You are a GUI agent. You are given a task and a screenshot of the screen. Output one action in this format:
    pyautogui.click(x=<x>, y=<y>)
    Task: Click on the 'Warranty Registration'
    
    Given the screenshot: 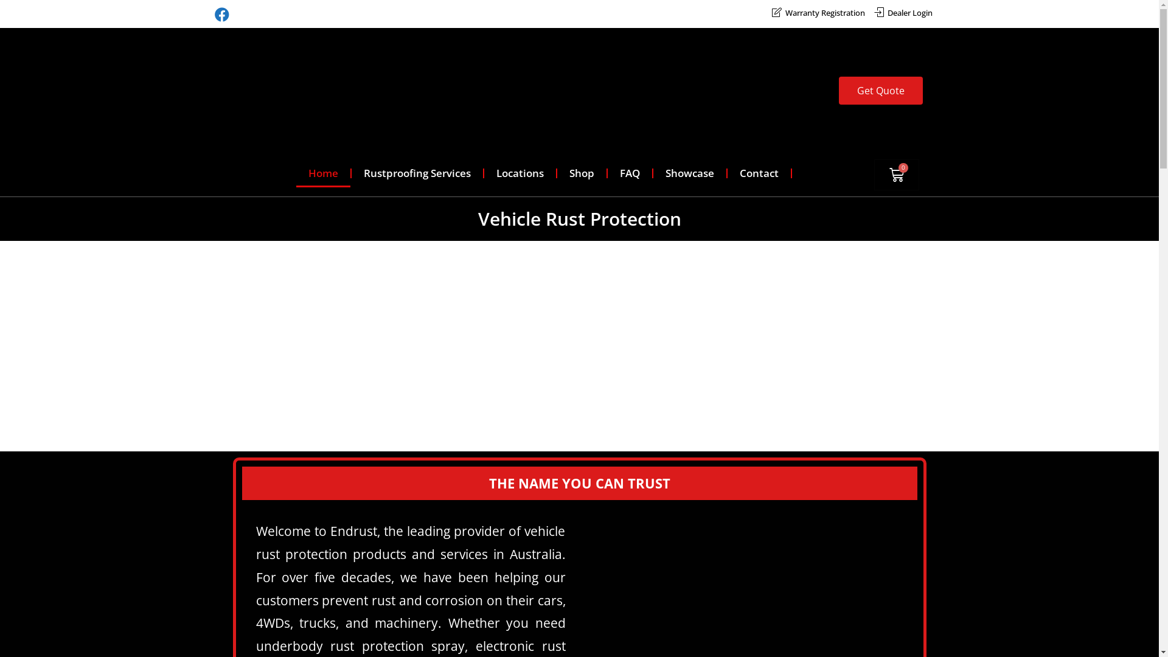 What is the action you would take?
    pyautogui.click(x=818, y=13)
    